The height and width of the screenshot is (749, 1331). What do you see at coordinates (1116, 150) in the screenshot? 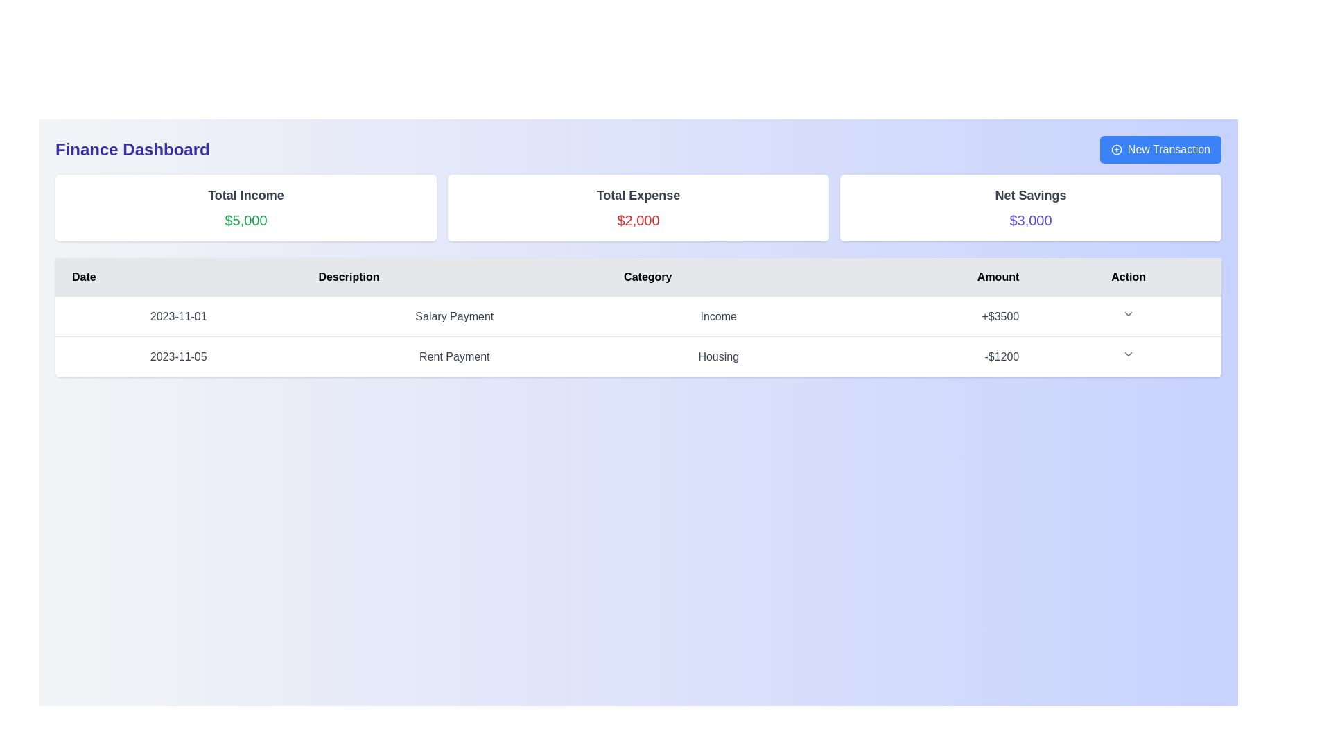
I see `the graphical icon representing the 'New Transaction' button, which is located at the top-right corner of the interface` at bounding box center [1116, 150].